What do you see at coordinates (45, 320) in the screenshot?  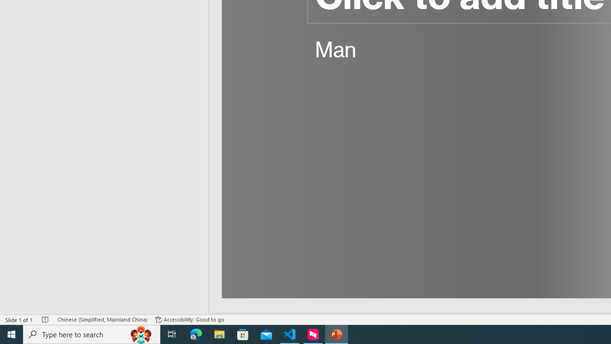 I see `'Spell Check No Errors'` at bounding box center [45, 320].